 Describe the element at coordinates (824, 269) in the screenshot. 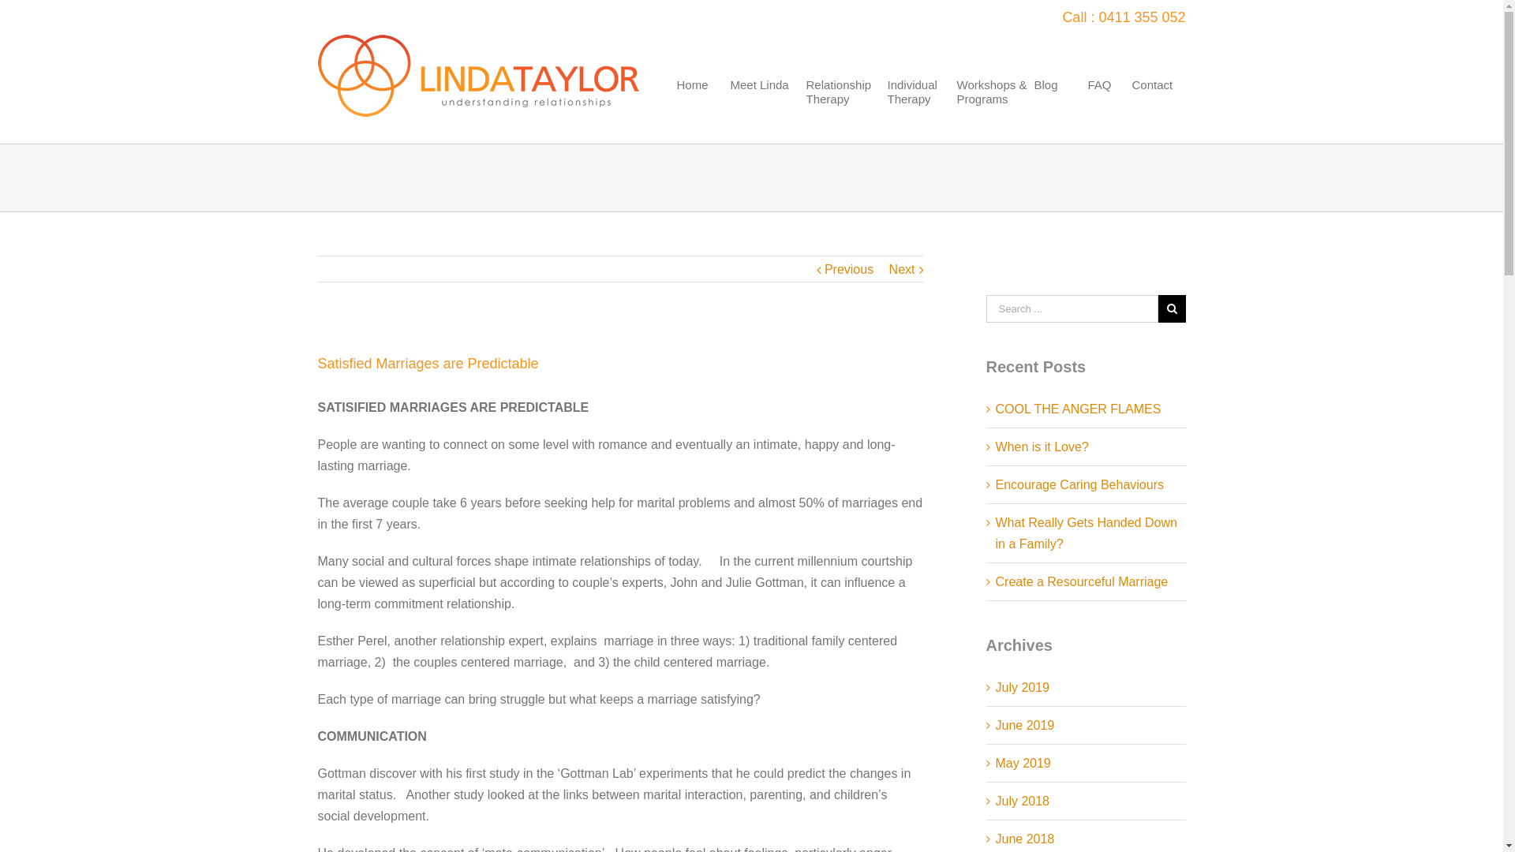

I see `'Previous'` at that location.